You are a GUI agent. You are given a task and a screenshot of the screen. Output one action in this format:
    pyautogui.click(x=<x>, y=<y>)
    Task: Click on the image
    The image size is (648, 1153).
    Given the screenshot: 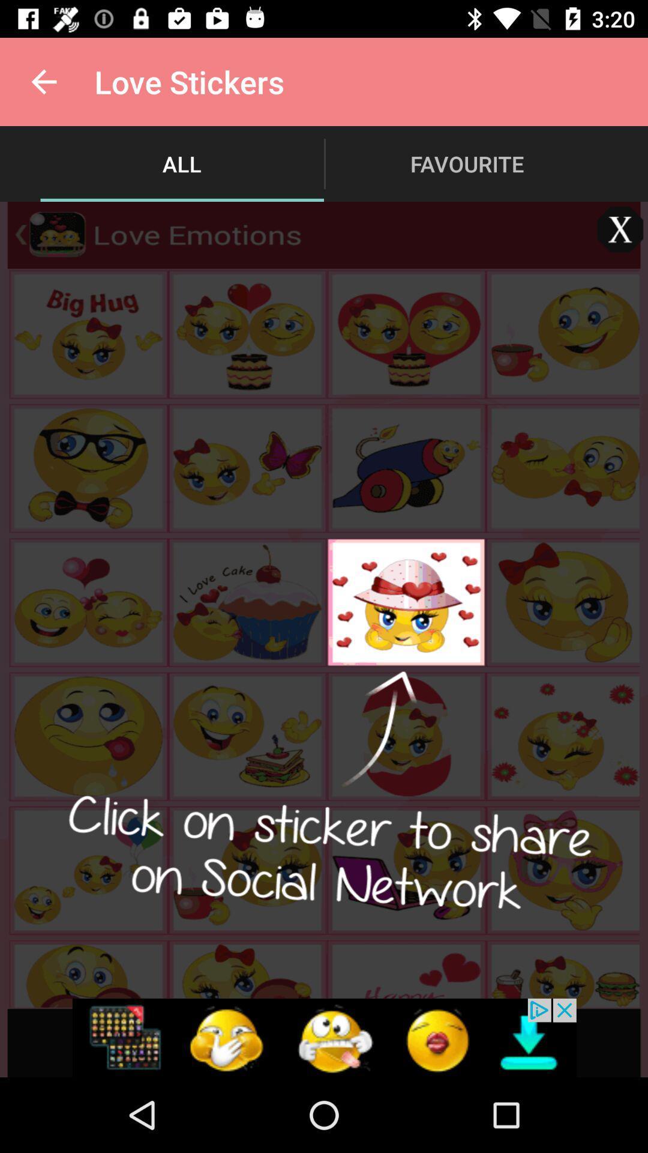 What is the action you would take?
    pyautogui.click(x=620, y=229)
    